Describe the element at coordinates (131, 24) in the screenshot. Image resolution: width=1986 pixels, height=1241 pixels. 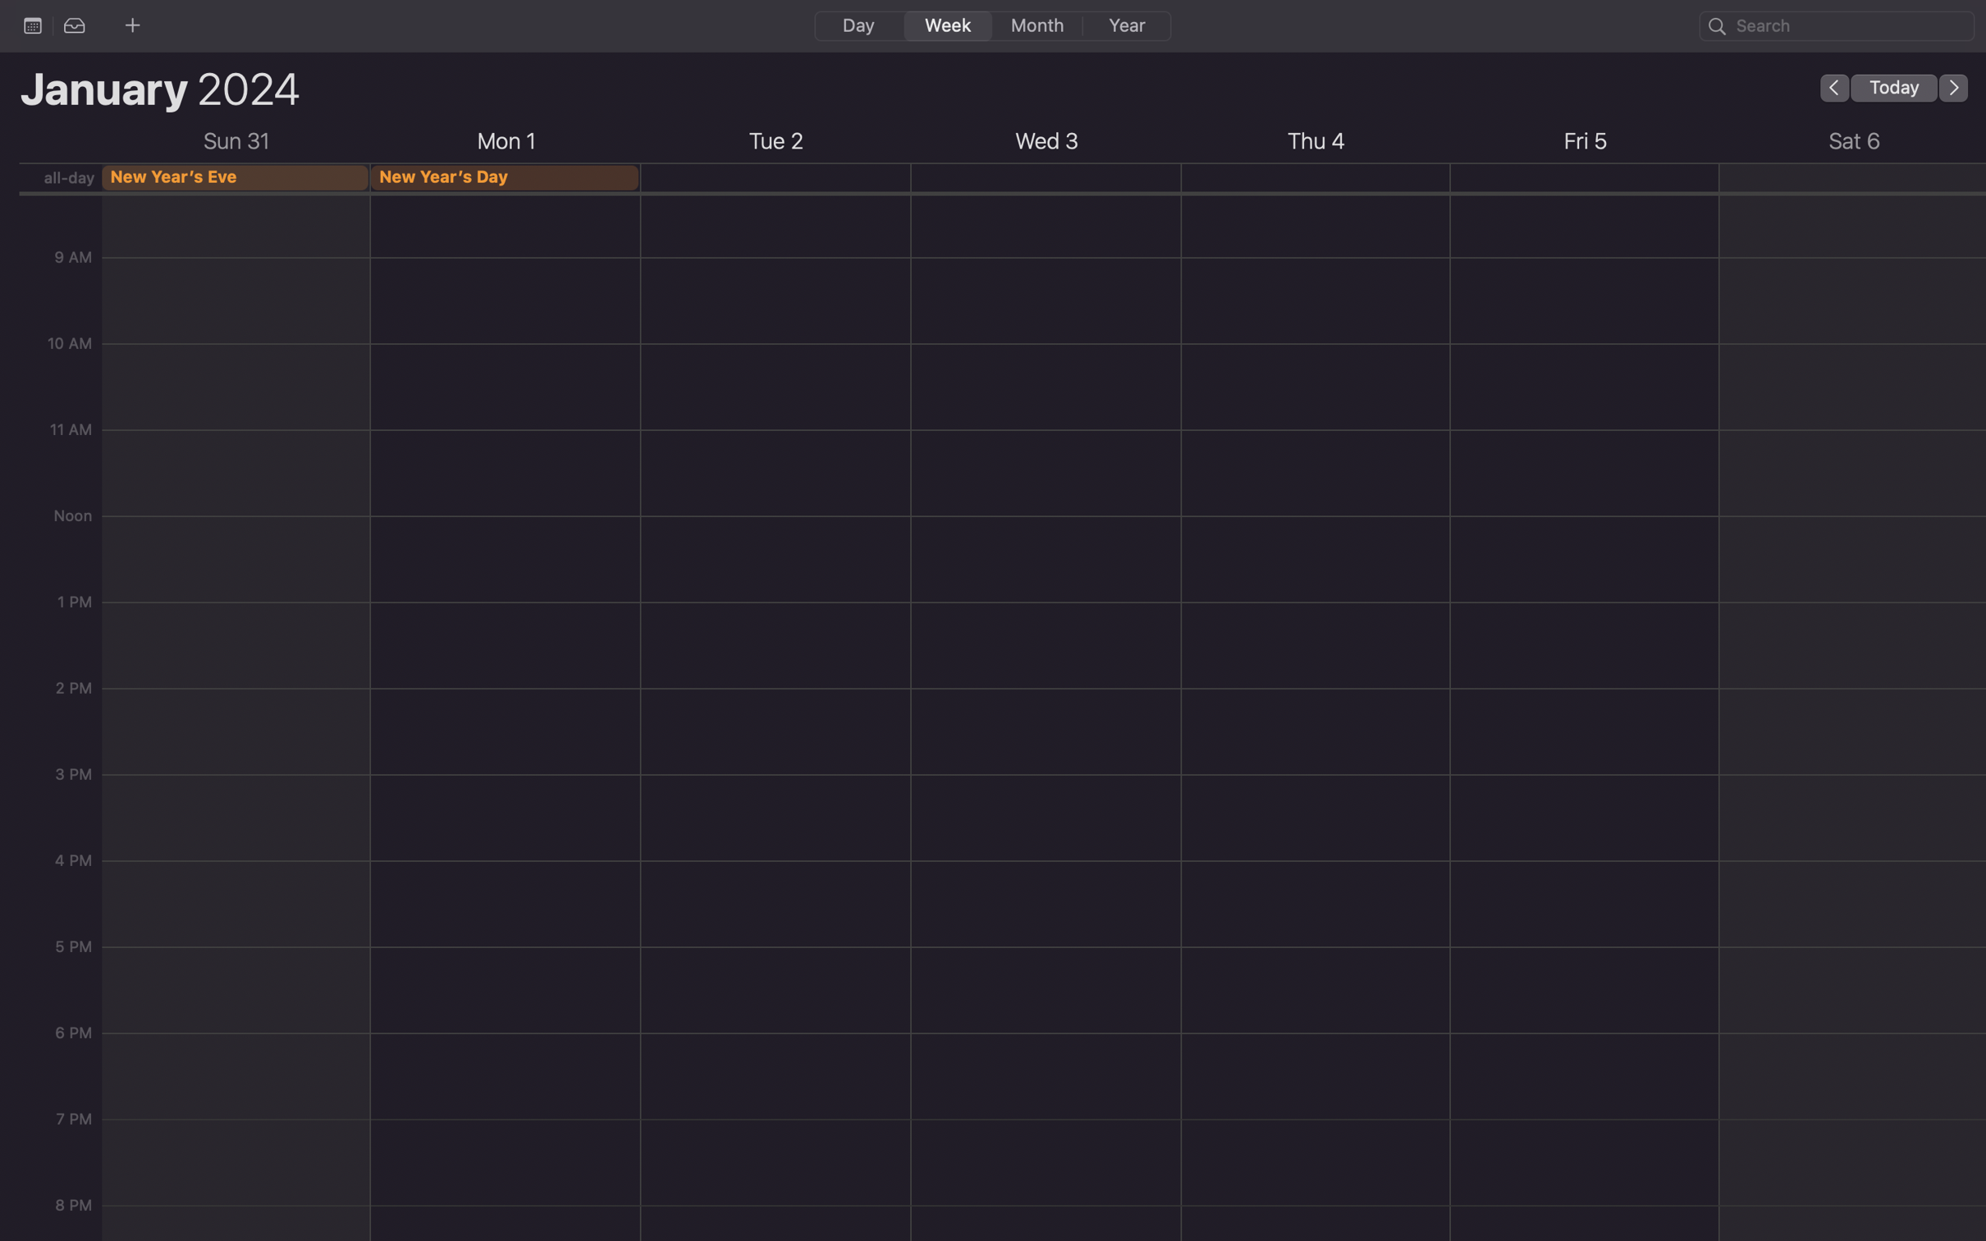
I see `Click  the plus symbol for quick event add` at that location.